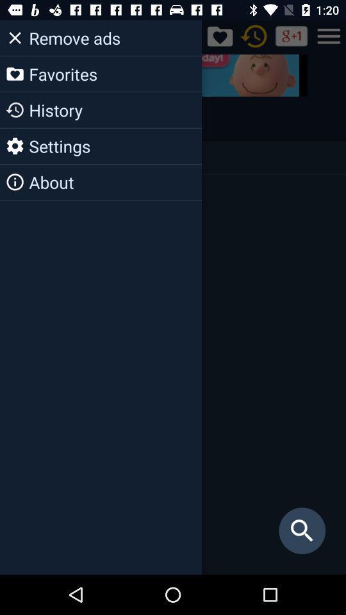  I want to click on the close icon, so click(16, 35).